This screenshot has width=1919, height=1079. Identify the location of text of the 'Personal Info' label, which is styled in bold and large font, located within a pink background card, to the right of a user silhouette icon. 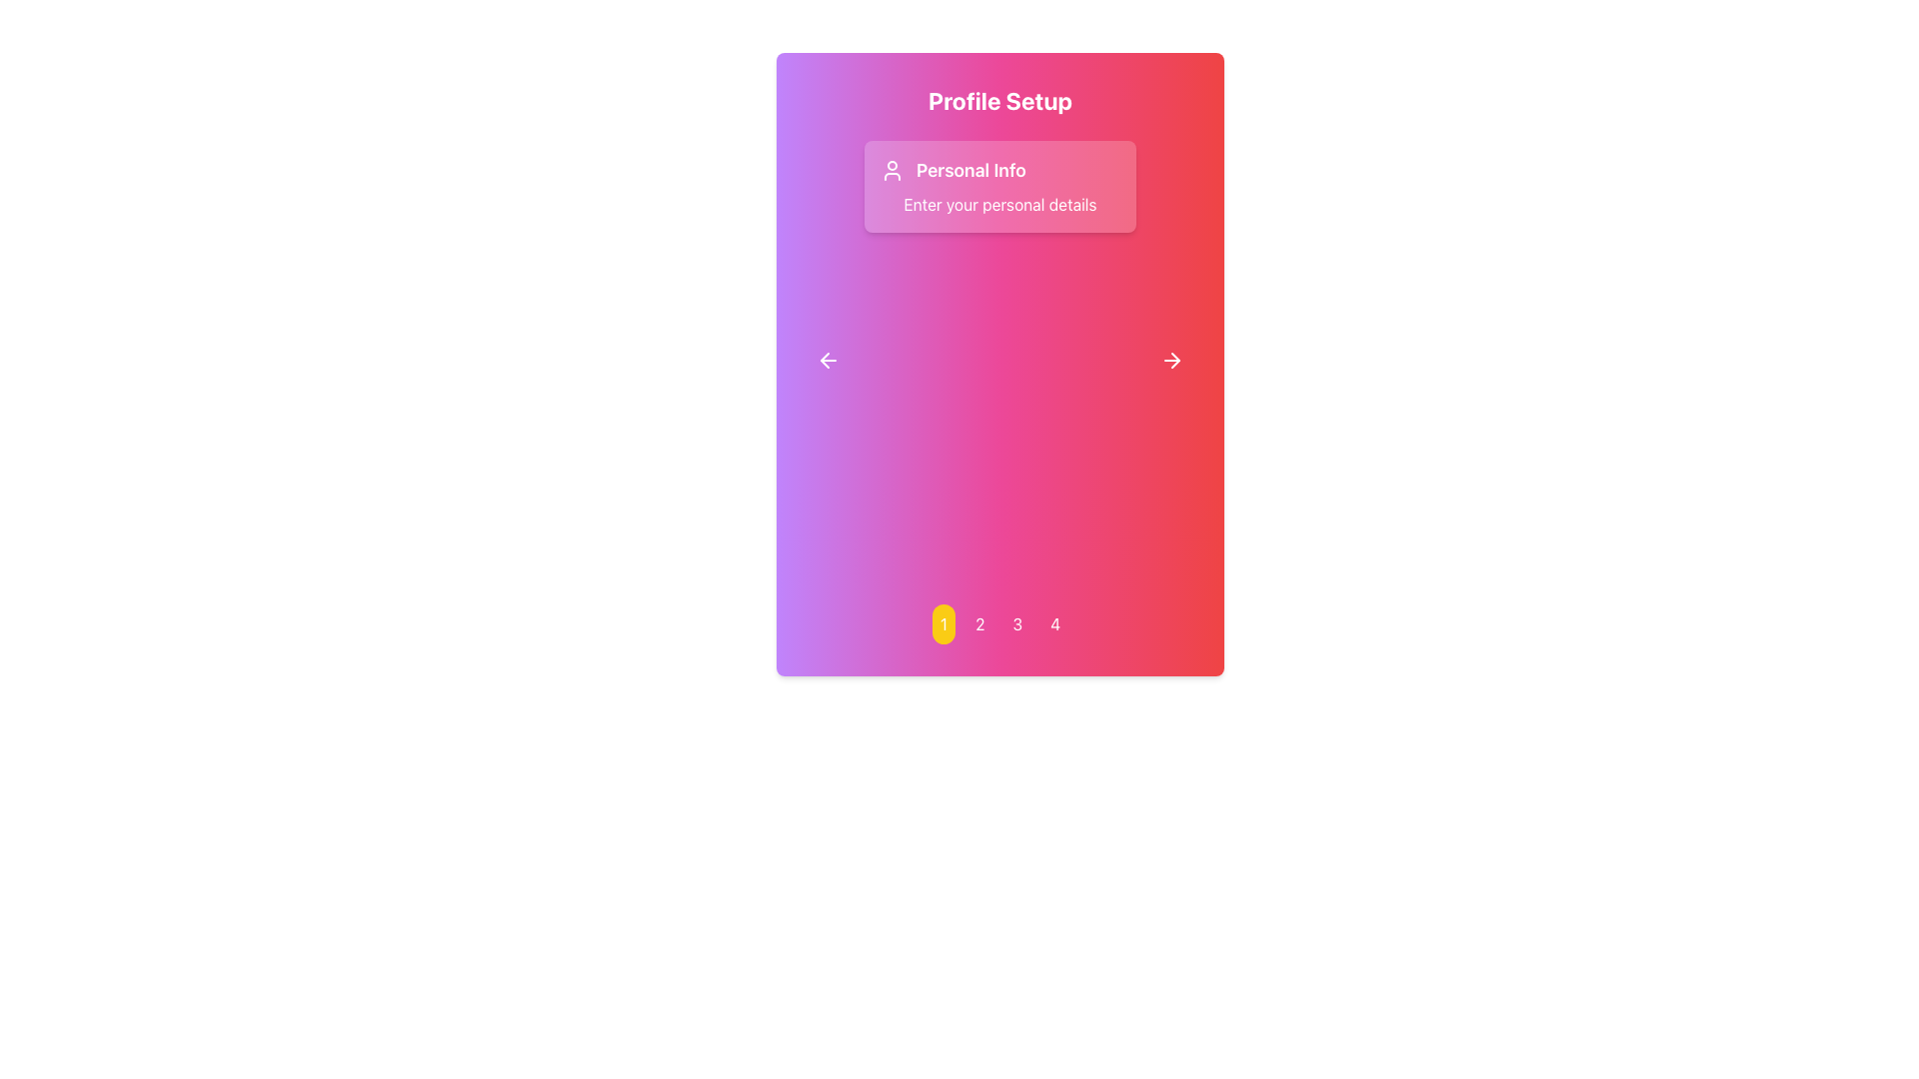
(1000, 169).